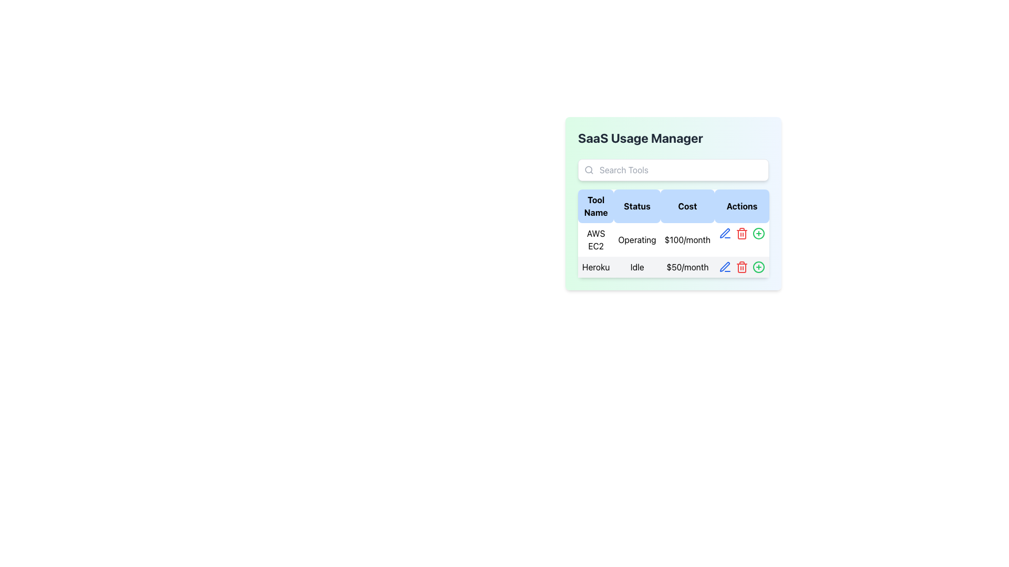 Image resolution: width=1009 pixels, height=567 pixels. Describe the element at coordinates (725, 233) in the screenshot. I see `the first interactive button in the 'Actions' column of the second row of the table` at that location.